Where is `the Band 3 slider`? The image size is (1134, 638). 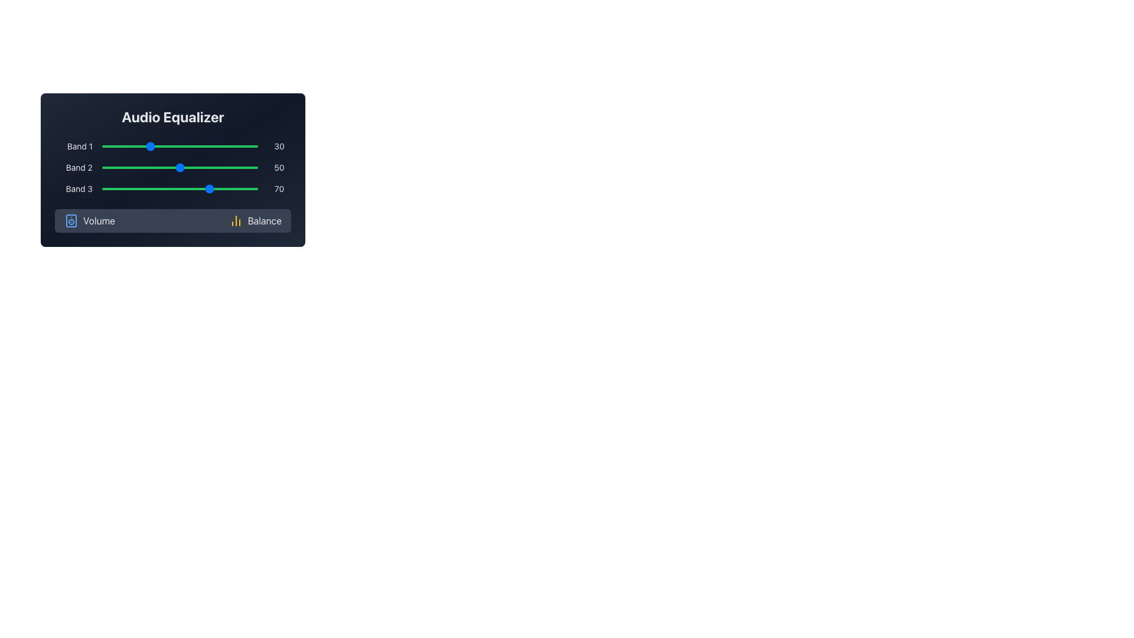 the Band 3 slider is located at coordinates (180, 188).